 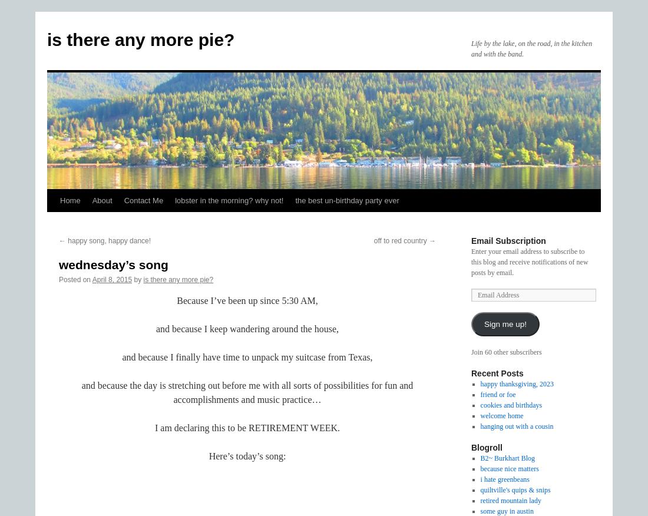 I want to click on 'because nice matters', so click(x=508, y=468).